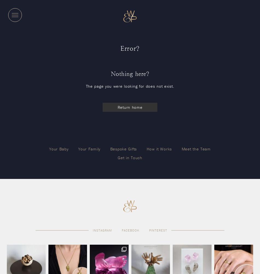 The height and width of the screenshot is (274, 260). I want to click on 'Bespoke Gifts', so click(123, 149).